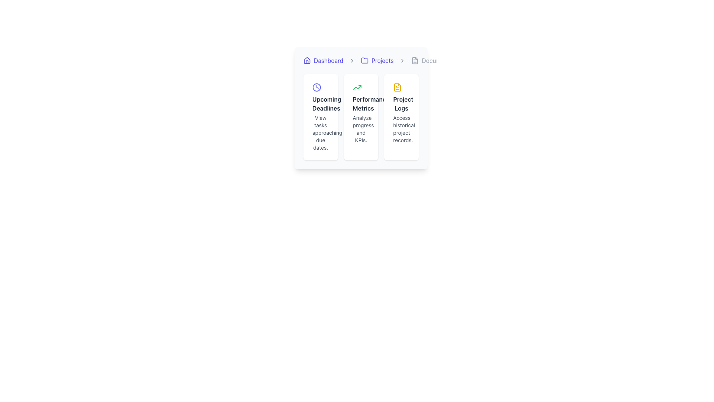 Image resolution: width=714 pixels, height=402 pixels. Describe the element at coordinates (361, 103) in the screenshot. I see `text label titled 'Performance Metrics' located on the second card in a horizontally aligned group of three cards` at that location.